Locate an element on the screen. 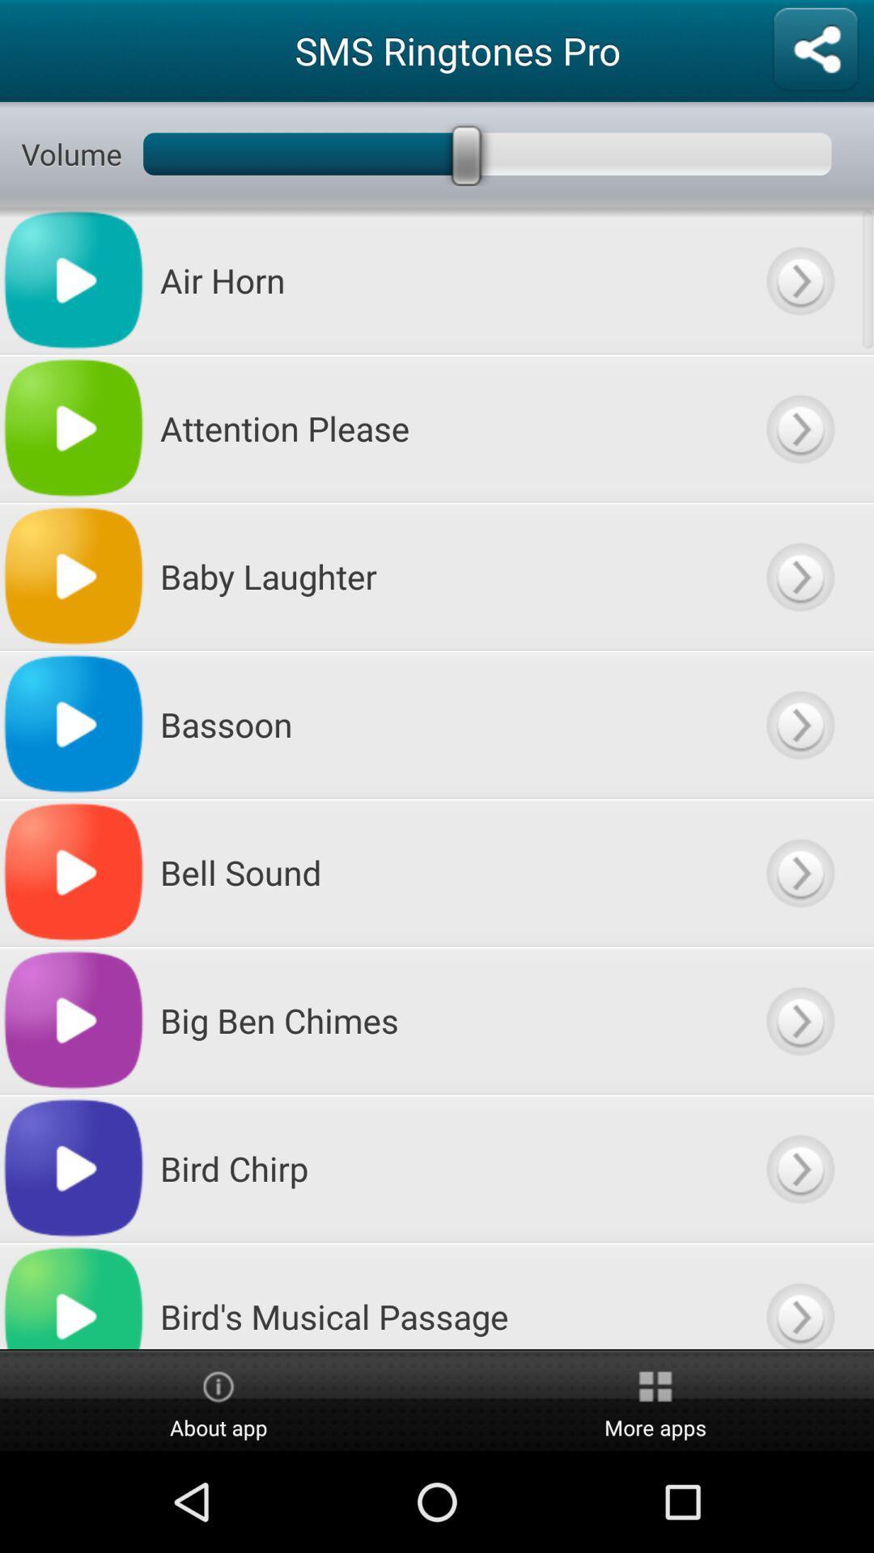 Image resolution: width=874 pixels, height=1553 pixels. use big ben chimes is located at coordinates (799, 1019).